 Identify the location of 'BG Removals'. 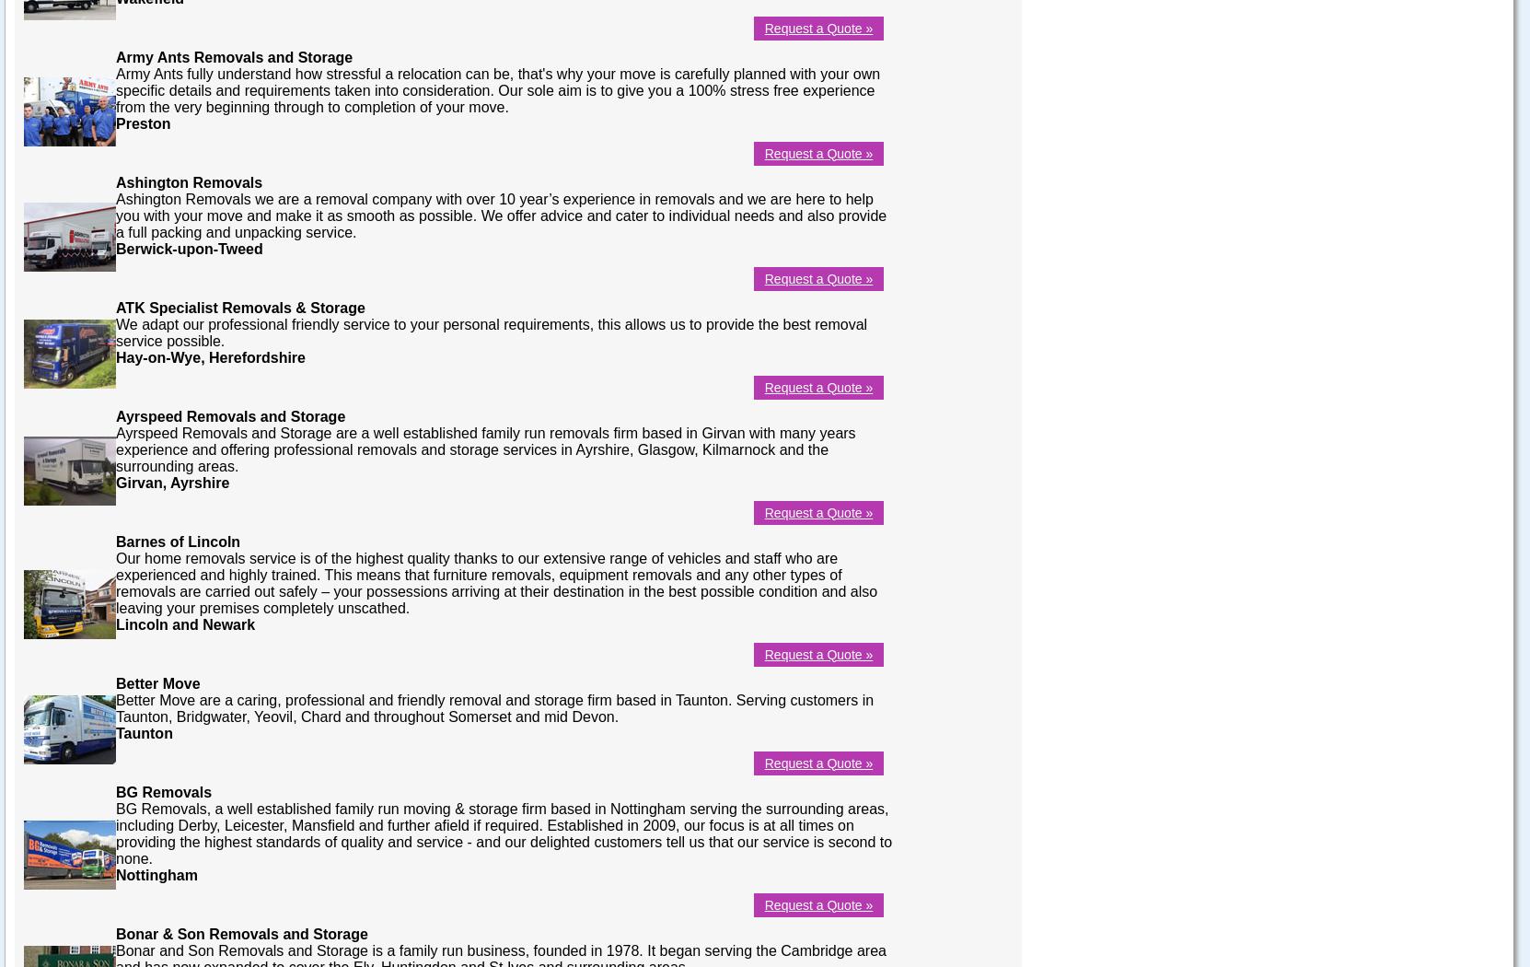
(163, 791).